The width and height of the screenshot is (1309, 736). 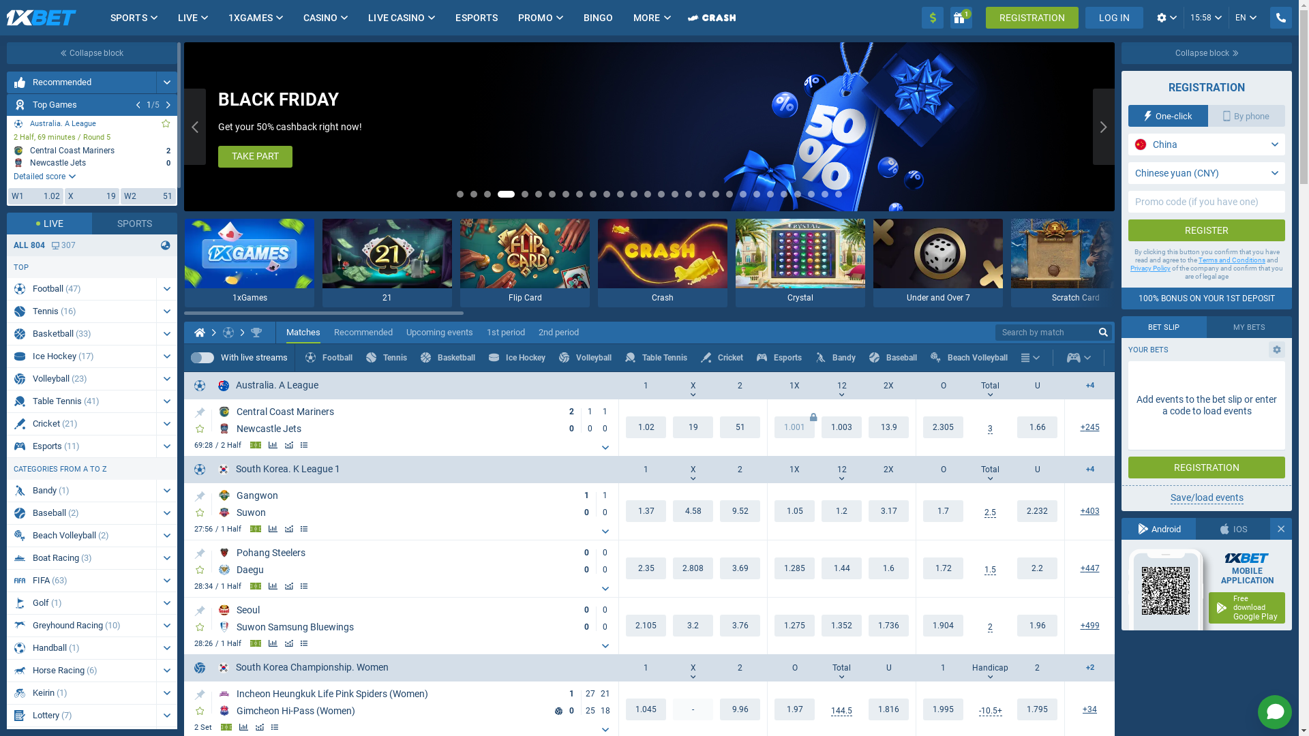 What do you see at coordinates (44, 175) in the screenshot?
I see `'Detailed score'` at bounding box center [44, 175].